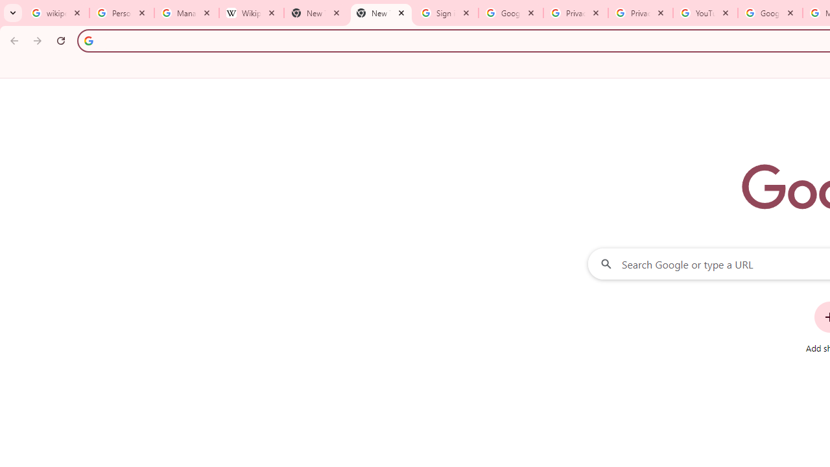 This screenshot has height=467, width=830. Describe the element at coordinates (251, 13) in the screenshot. I see `'Wikipedia:Edit requests - Wikipedia'` at that location.